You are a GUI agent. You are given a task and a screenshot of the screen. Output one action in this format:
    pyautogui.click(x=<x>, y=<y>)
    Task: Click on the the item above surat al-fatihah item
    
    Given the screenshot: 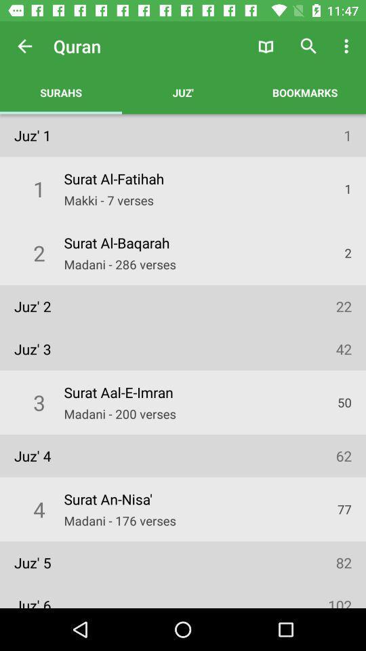 What is the action you would take?
    pyautogui.click(x=183, y=92)
    